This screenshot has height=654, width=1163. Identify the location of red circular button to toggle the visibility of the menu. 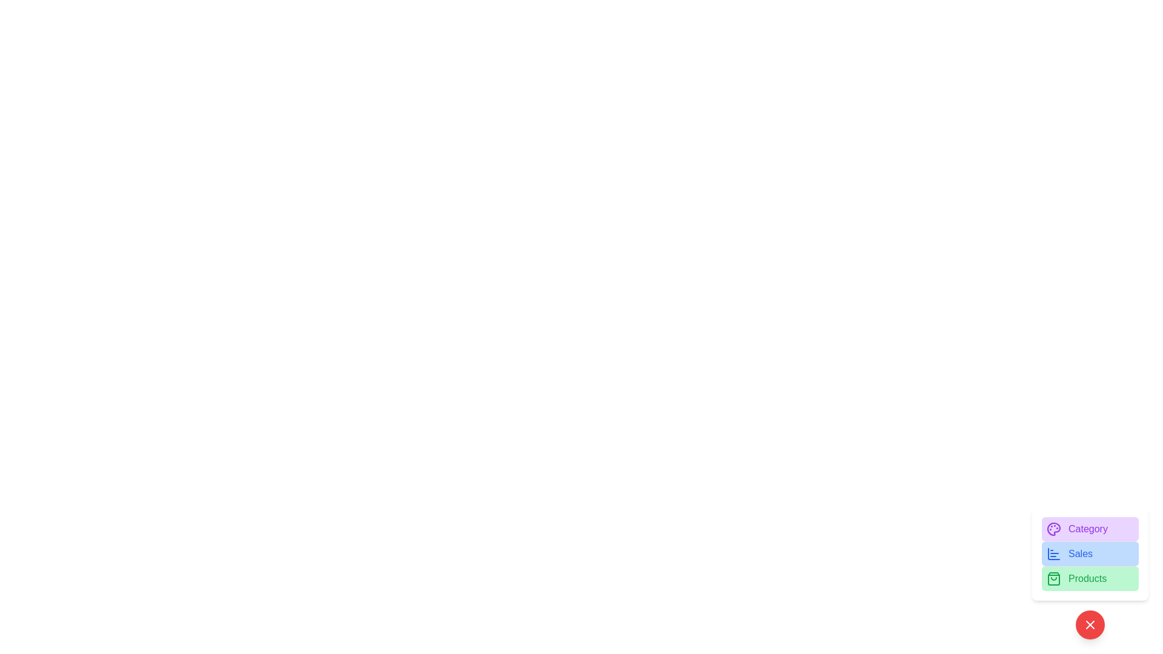
(1090, 625).